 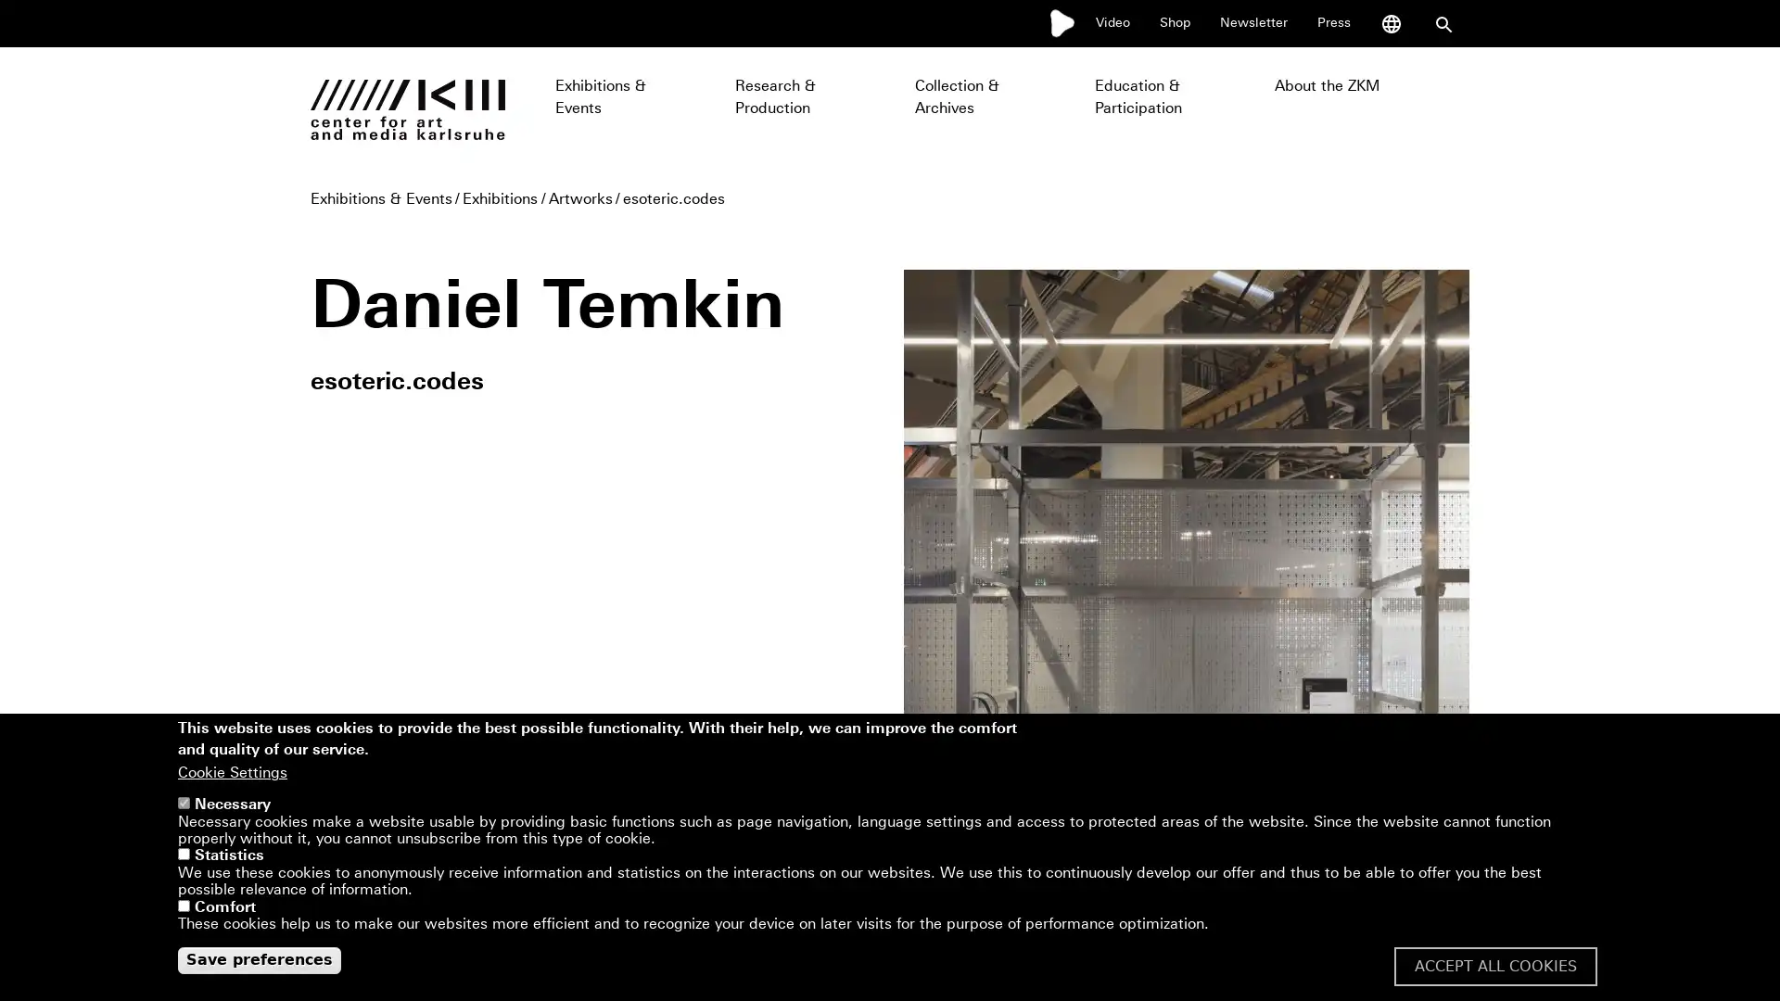 I want to click on ACCEPT ALL COOKIES, so click(x=1495, y=965).